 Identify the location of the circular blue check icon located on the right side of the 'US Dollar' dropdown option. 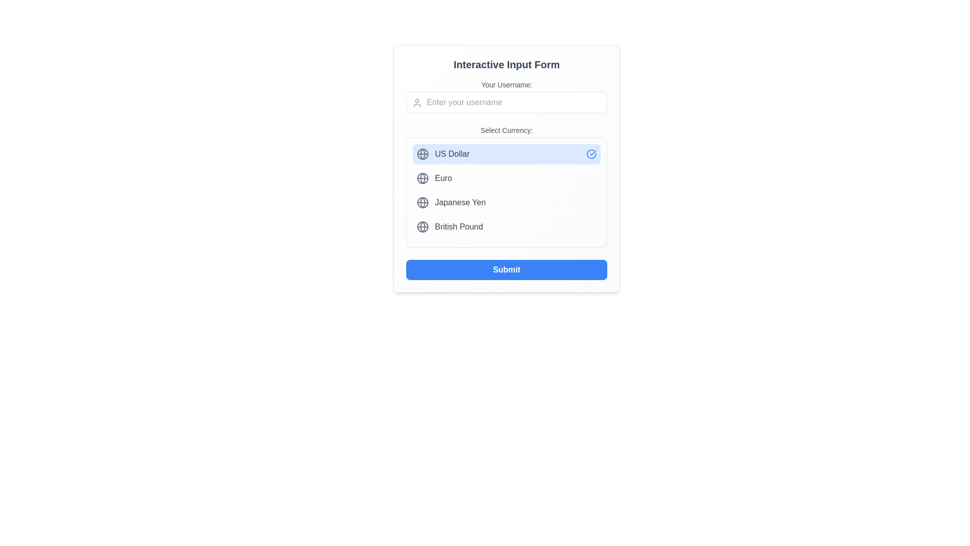
(592, 154).